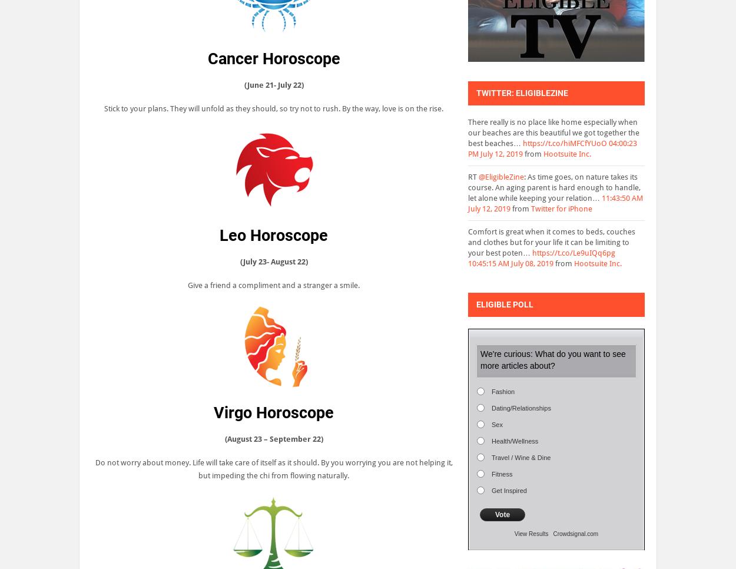 This screenshot has height=569, width=736. I want to click on 'There really is no place like home especially when our beaches are this beautiful we got together the best beaches…', so click(553, 132).